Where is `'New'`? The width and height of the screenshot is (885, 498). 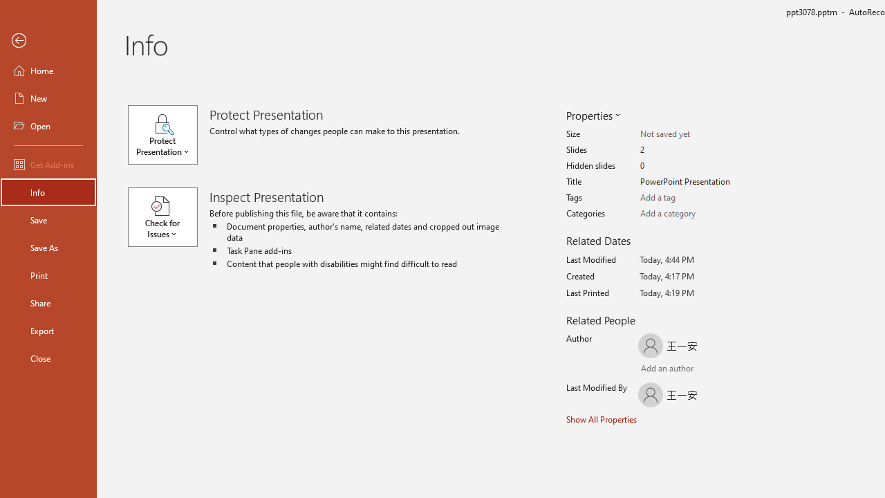 'New' is located at coordinates (48, 97).